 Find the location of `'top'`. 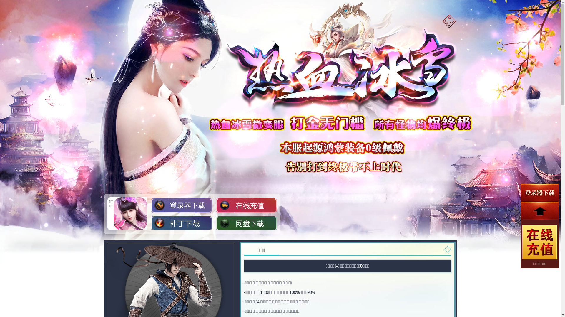

'top' is located at coordinates (539, 210).